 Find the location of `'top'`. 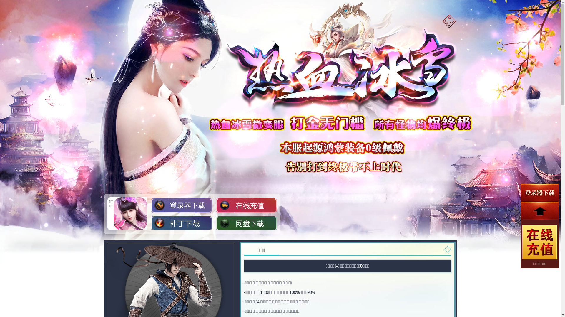

'top' is located at coordinates (539, 210).